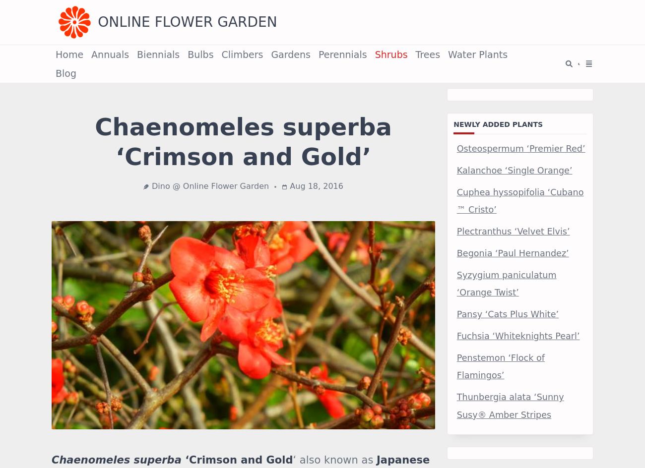 Image resolution: width=645 pixels, height=468 pixels. What do you see at coordinates (181, 39) in the screenshot?
I see `'Chaenomeles superba ‘Jet Trail’'` at bounding box center [181, 39].